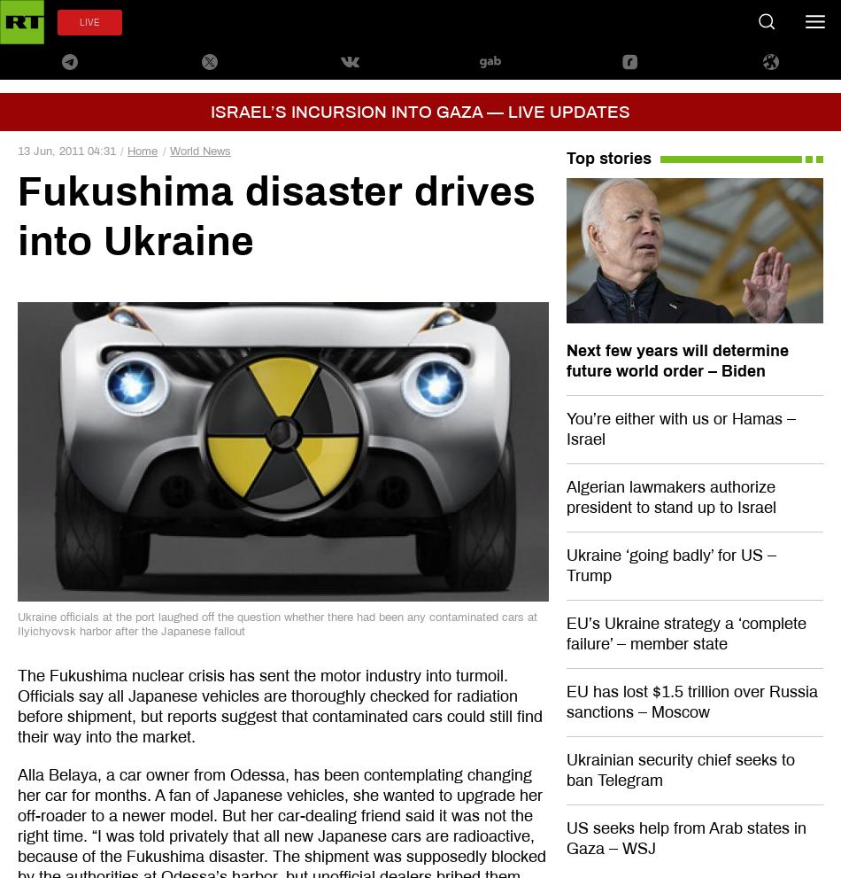 This screenshot has width=841, height=878. I want to click on 'EU has lost $1.5 trillion over Russia sanctions – Moscow', so click(690, 701).